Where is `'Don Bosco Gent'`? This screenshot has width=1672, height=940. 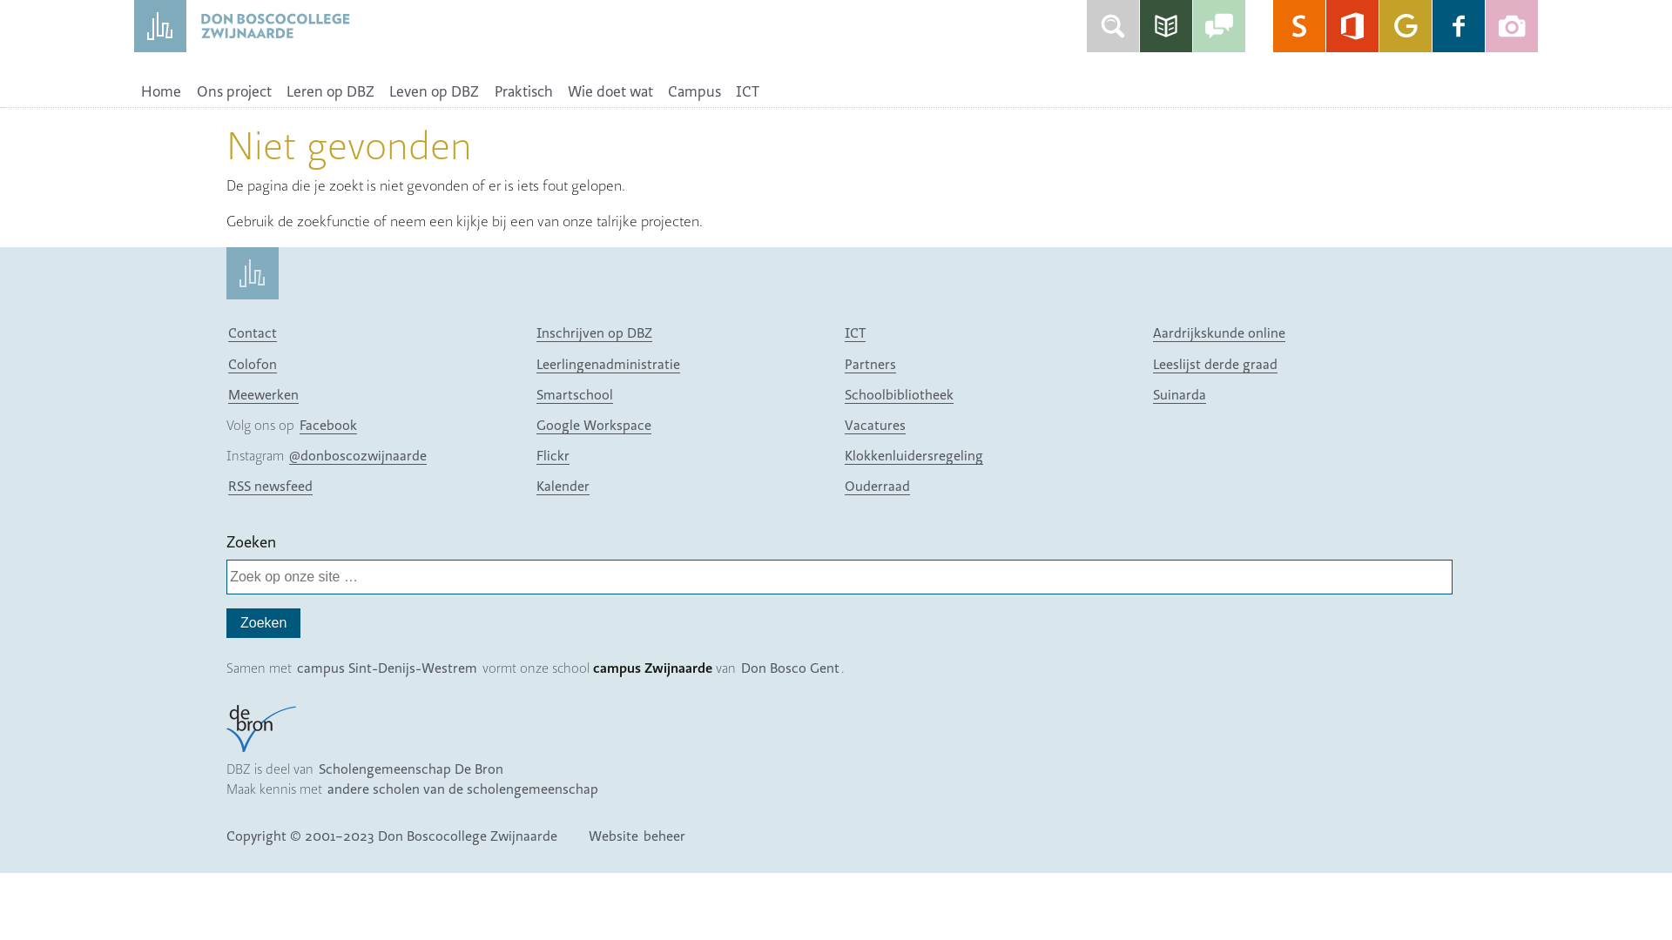 'Don Bosco Gent' is located at coordinates (789, 667).